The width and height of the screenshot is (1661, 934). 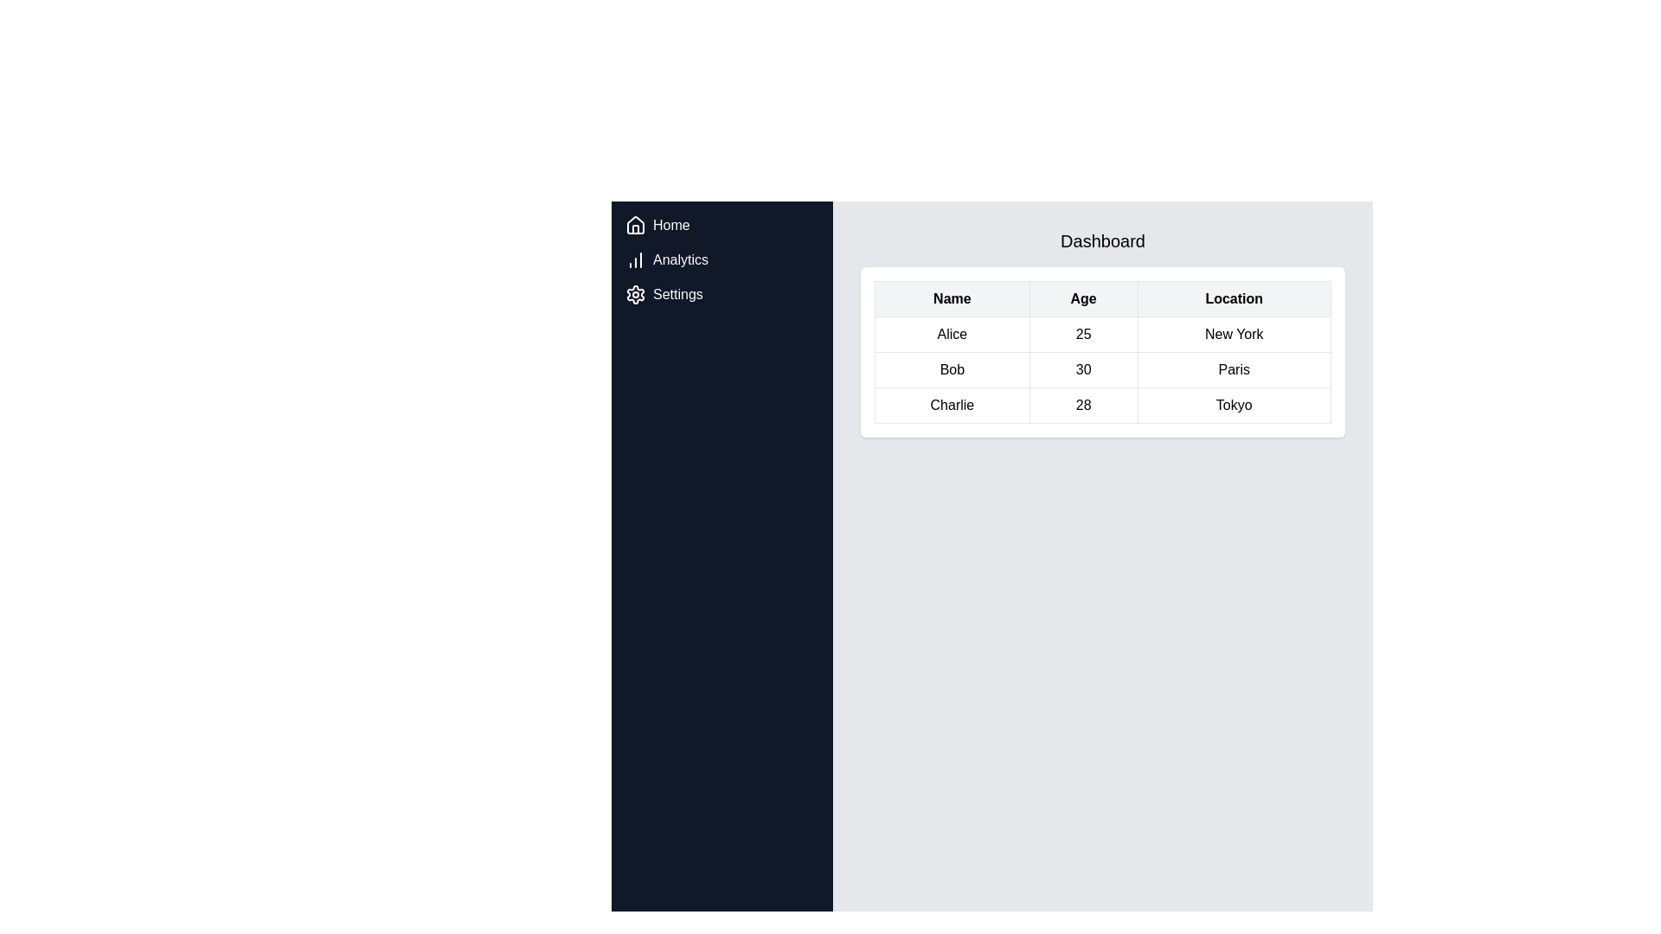 I want to click on the static Text Display Cell that shows the age of 'Alice' in the table under the 'Age' column on the Dashboard, so click(x=1082, y=334).